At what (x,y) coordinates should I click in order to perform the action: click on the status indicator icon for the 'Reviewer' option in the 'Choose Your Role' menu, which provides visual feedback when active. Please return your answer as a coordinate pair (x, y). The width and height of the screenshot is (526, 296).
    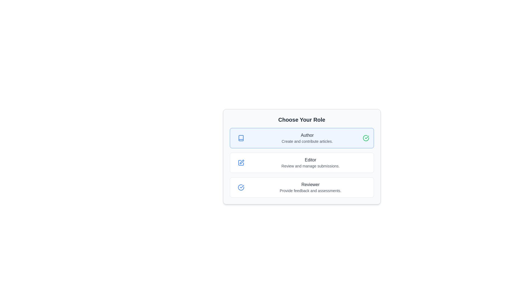
    Looking at the image, I should click on (241, 187).